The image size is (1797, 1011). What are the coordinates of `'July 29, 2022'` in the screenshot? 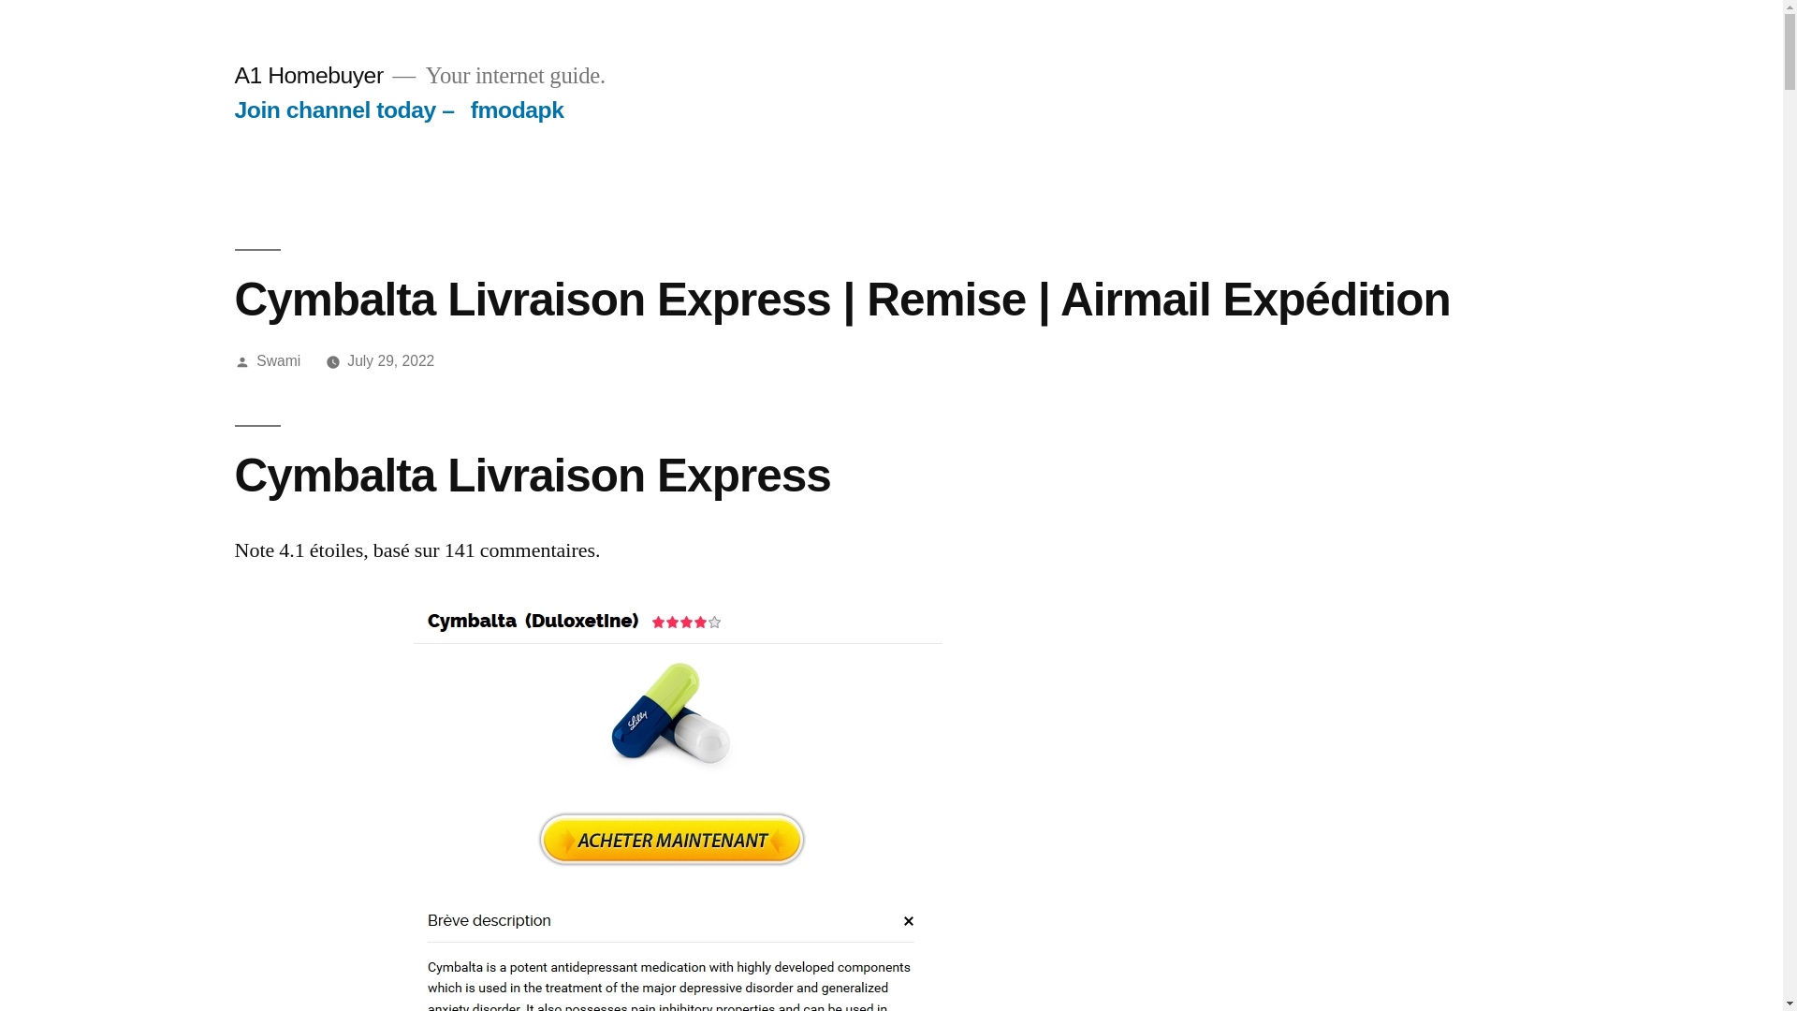 It's located at (389, 360).